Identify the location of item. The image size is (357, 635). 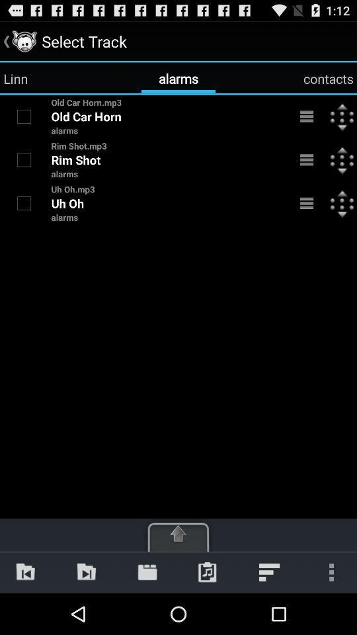
(24, 203).